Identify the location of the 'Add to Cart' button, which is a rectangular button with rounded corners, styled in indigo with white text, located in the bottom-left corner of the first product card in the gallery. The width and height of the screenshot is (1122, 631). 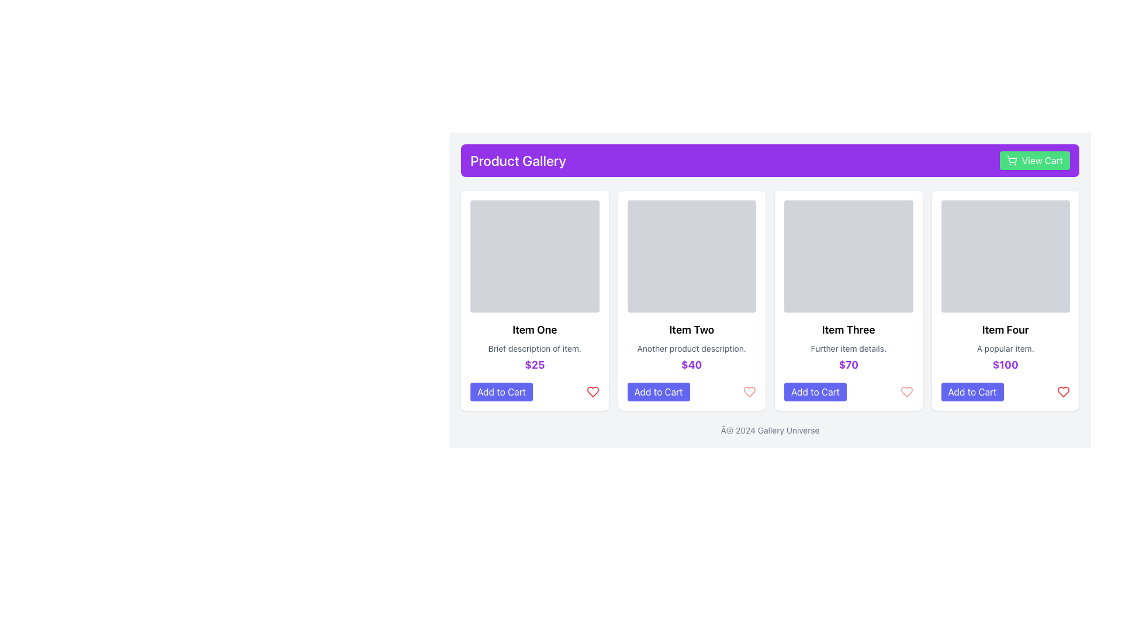
(501, 392).